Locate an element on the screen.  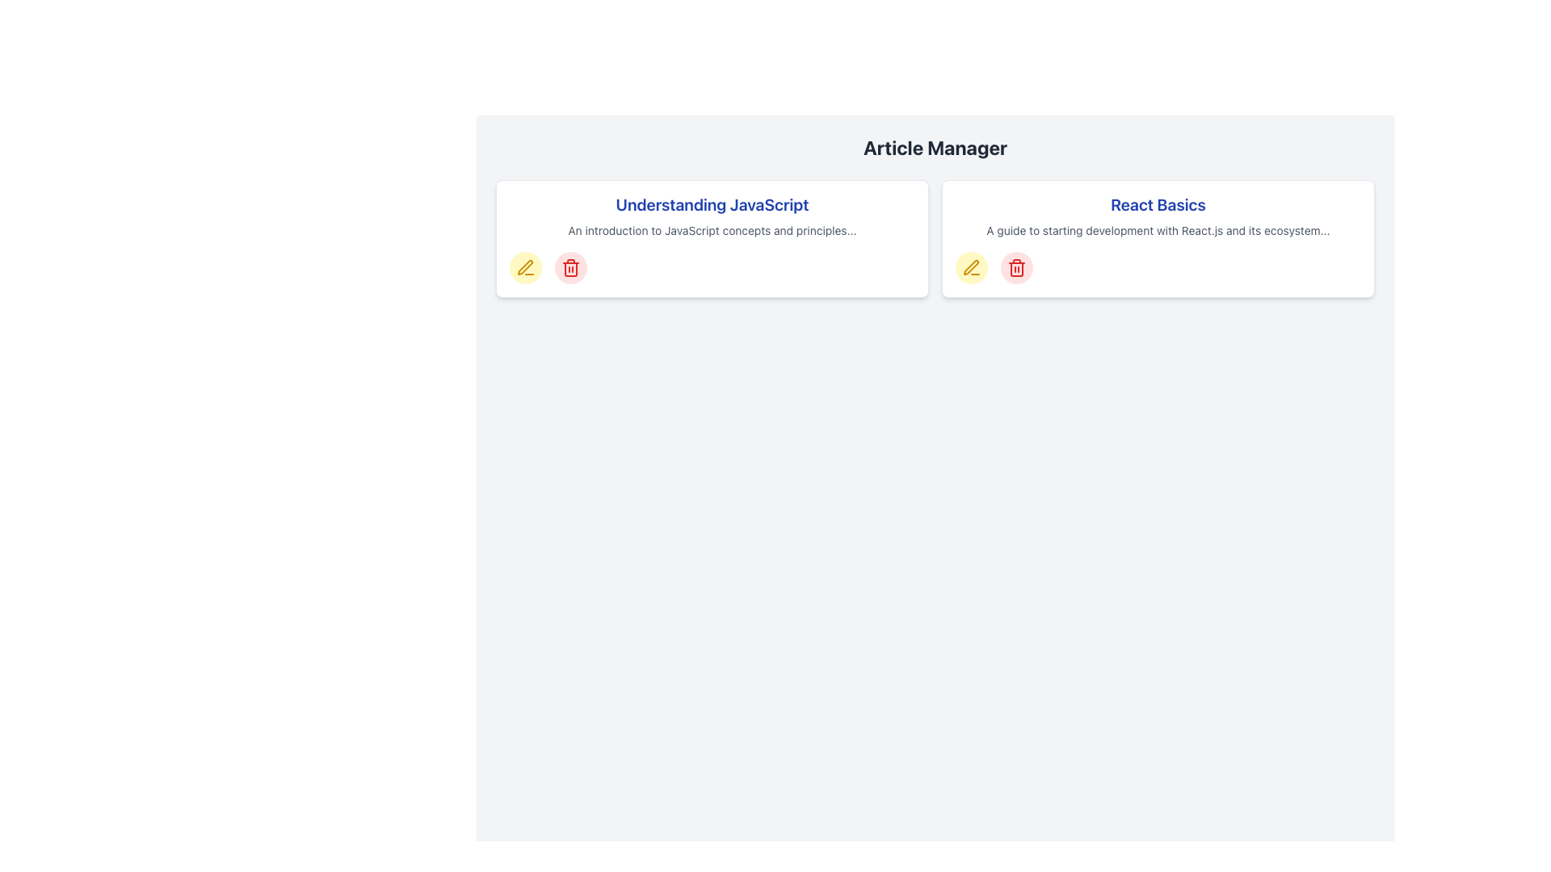
the circular button with an edit icon located beneath the text 'Understanding JavaScript' is located at coordinates (526, 266).